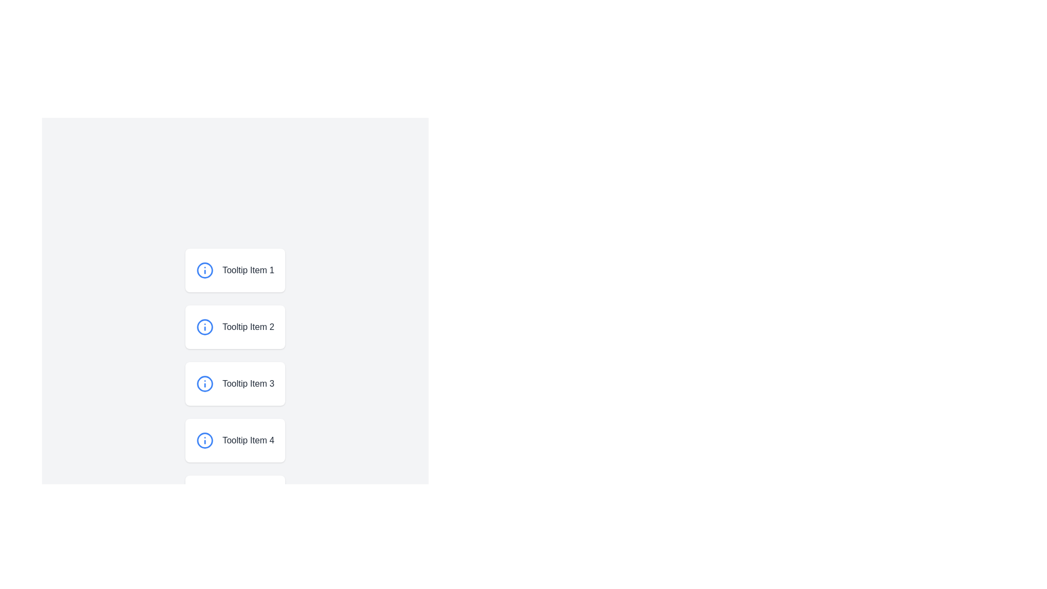  Describe the element at coordinates (204, 327) in the screenshot. I see `the SVG circle graphic that serves as the background of the information icon for 'Tooltip Item 2' in the vertical list` at that location.